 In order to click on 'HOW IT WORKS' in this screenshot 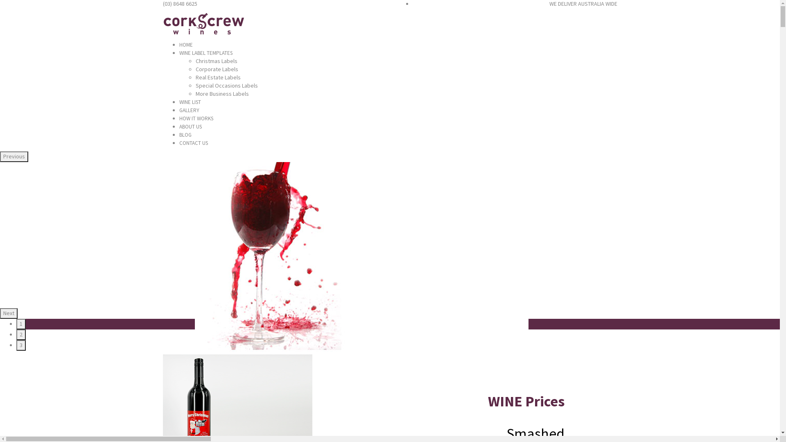, I will do `click(196, 118)`.